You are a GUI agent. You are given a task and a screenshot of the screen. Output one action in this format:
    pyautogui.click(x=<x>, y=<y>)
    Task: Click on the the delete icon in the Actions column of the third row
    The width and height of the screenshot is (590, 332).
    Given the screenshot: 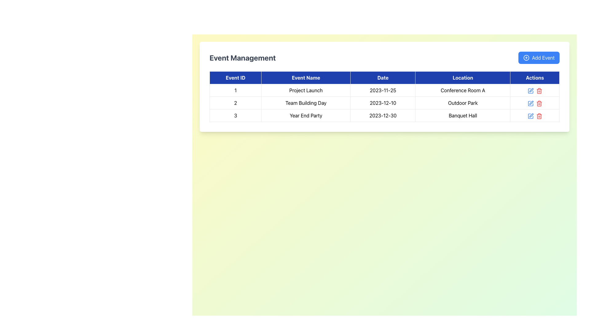 What is the action you would take?
    pyautogui.click(x=539, y=90)
    